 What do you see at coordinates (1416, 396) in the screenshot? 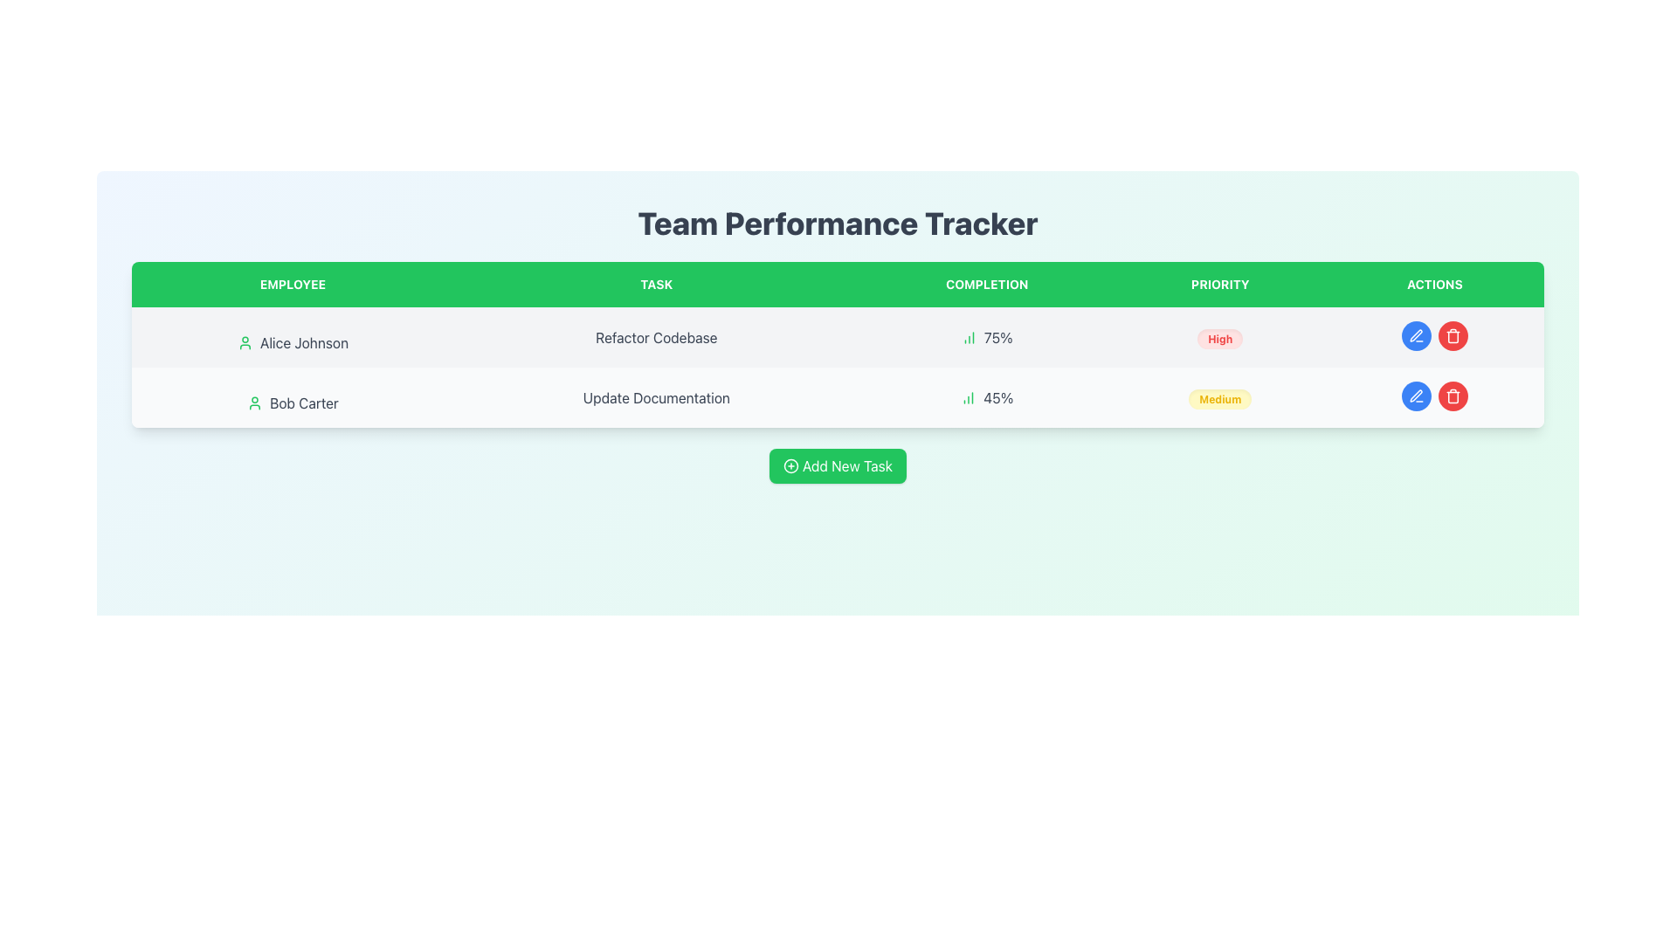
I see `the edit button located in the 'Actions' column of the second row in the table to initiate an edit action` at bounding box center [1416, 396].